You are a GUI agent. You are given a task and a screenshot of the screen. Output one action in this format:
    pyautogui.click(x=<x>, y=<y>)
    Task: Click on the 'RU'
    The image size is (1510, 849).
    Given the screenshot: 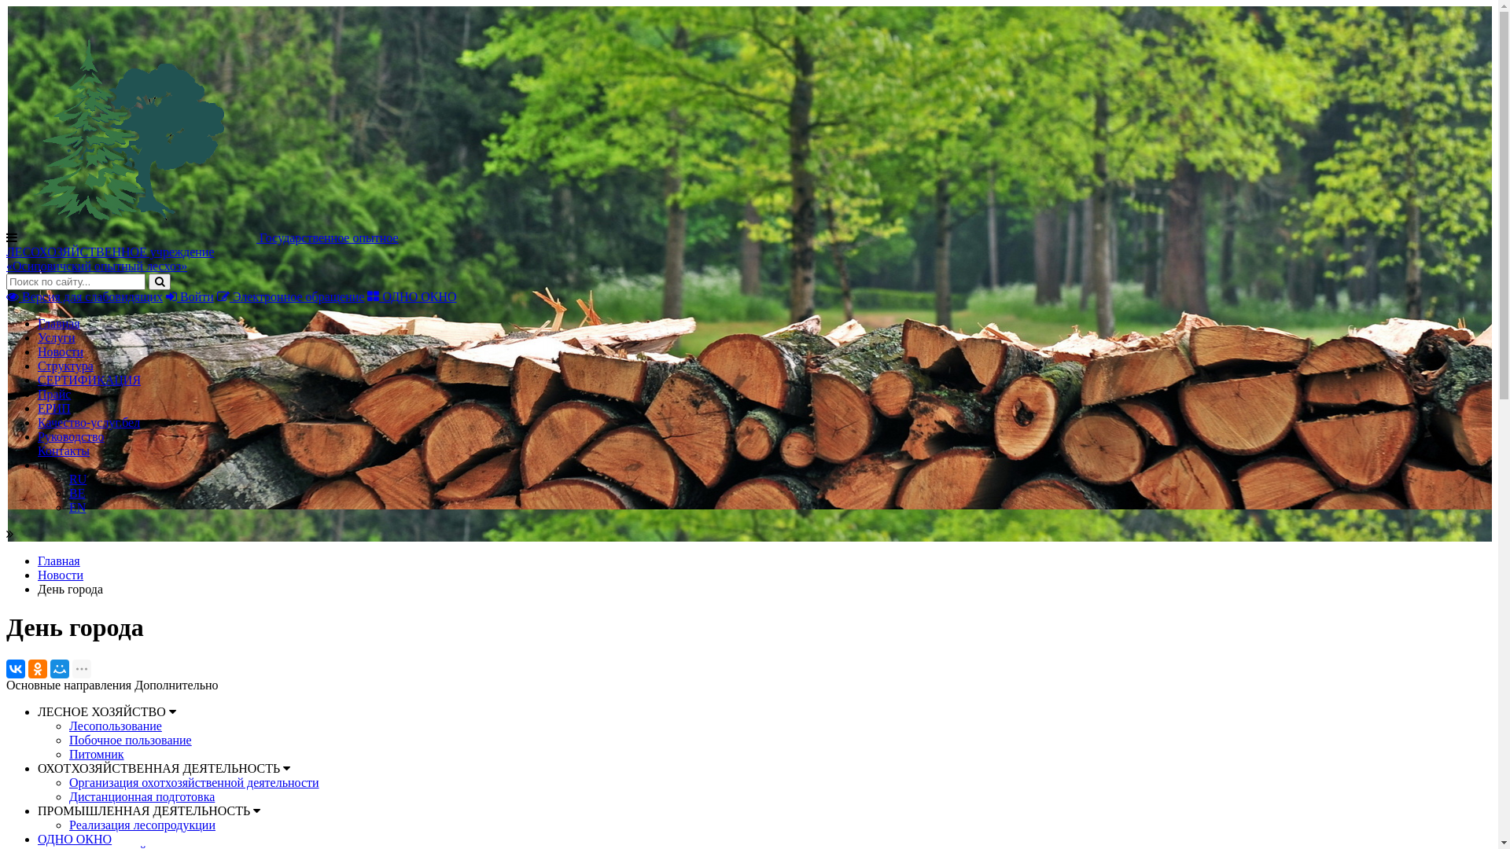 What is the action you would take?
    pyautogui.click(x=77, y=478)
    